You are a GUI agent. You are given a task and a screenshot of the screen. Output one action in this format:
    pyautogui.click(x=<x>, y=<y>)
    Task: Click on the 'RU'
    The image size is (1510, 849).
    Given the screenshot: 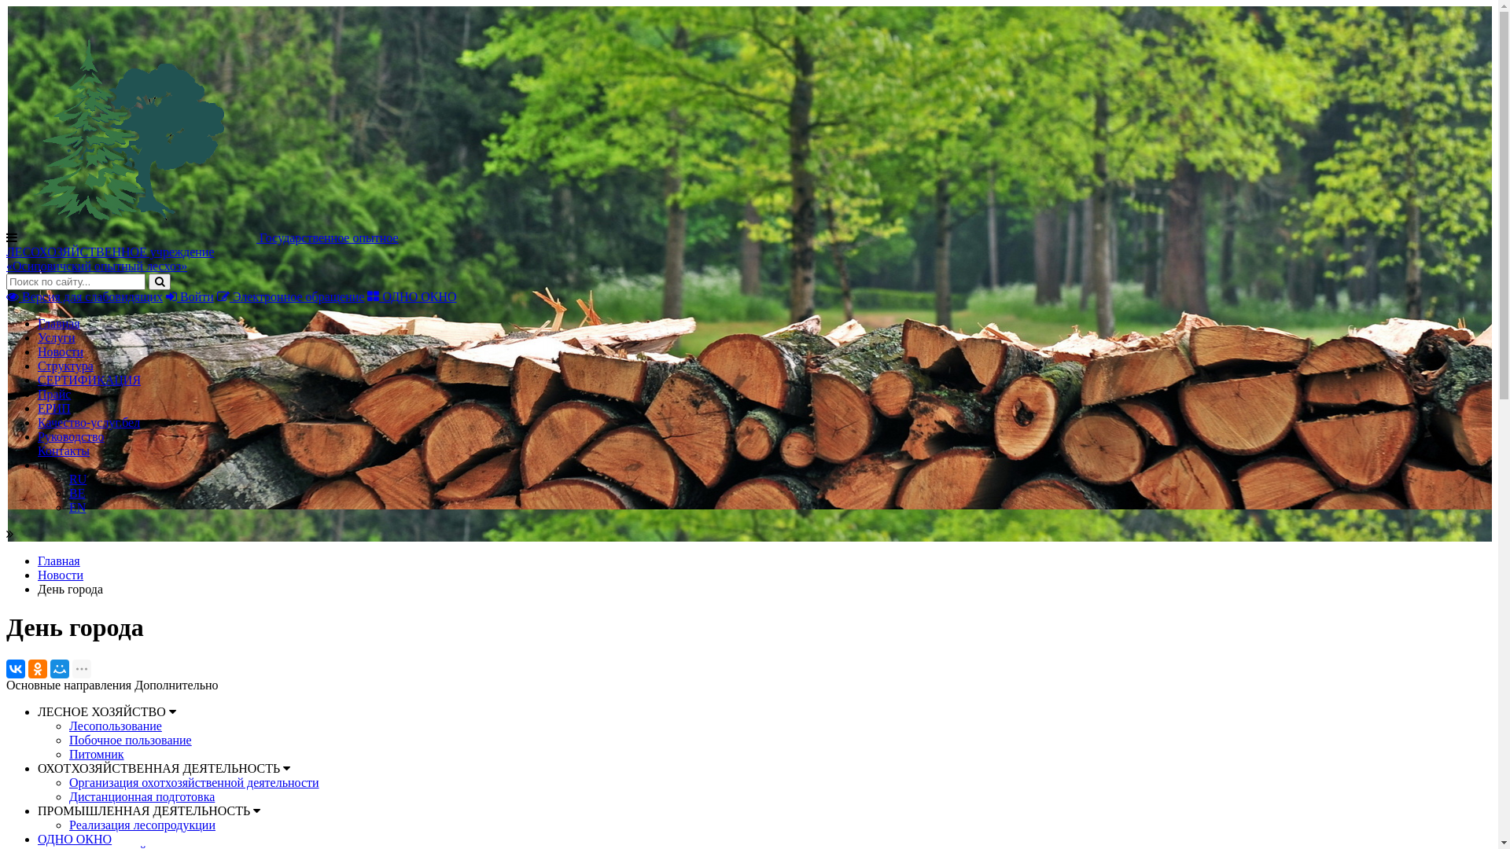 What is the action you would take?
    pyautogui.click(x=77, y=478)
    